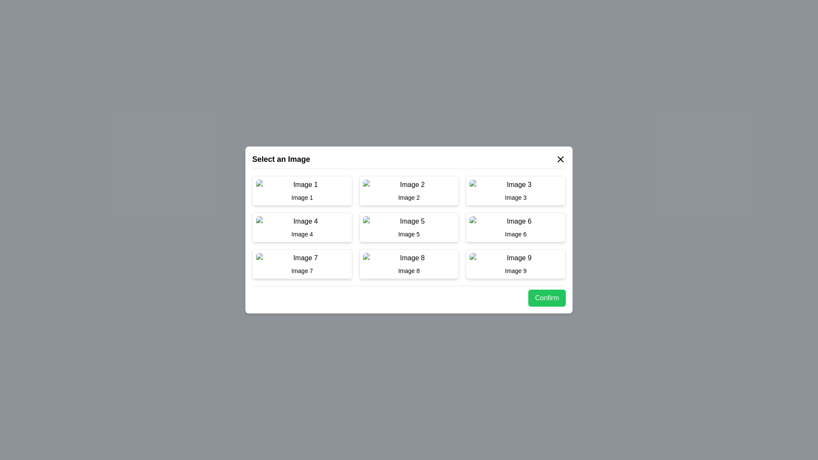 This screenshot has height=460, width=818. What do you see at coordinates (547, 297) in the screenshot?
I see `'Confirm' button to confirm the selected image` at bounding box center [547, 297].